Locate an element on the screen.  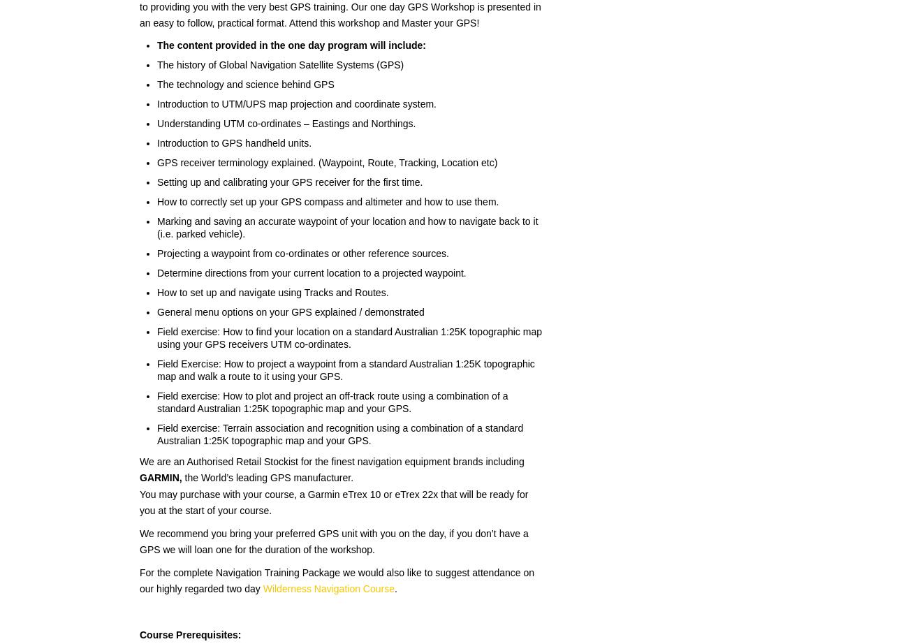
'Field Exercise: How to project a waypoint from a standard Australian 1:25K topographic map and walk a route to it using your GPS.' is located at coordinates (346, 369).